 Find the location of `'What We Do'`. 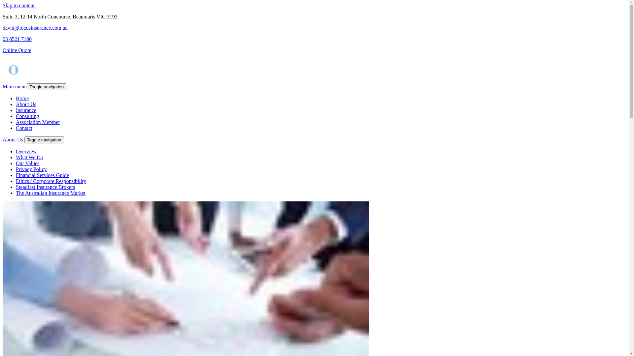

'What We Do' is located at coordinates (29, 157).